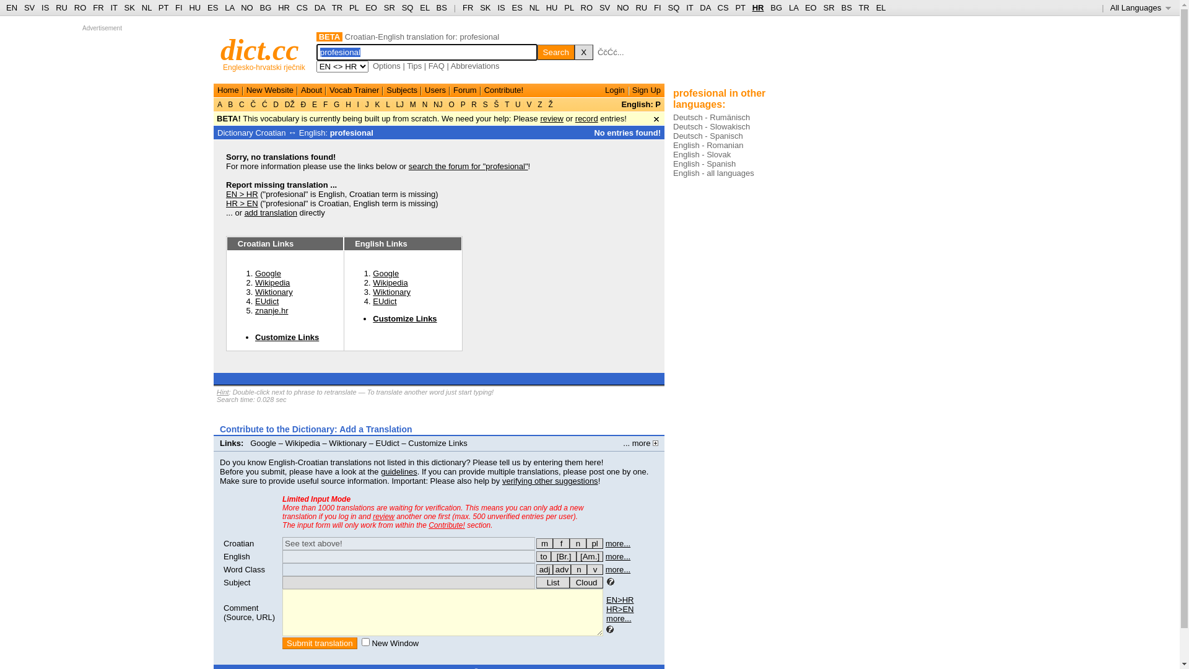  I want to click on 'EN>HR', so click(620, 599).